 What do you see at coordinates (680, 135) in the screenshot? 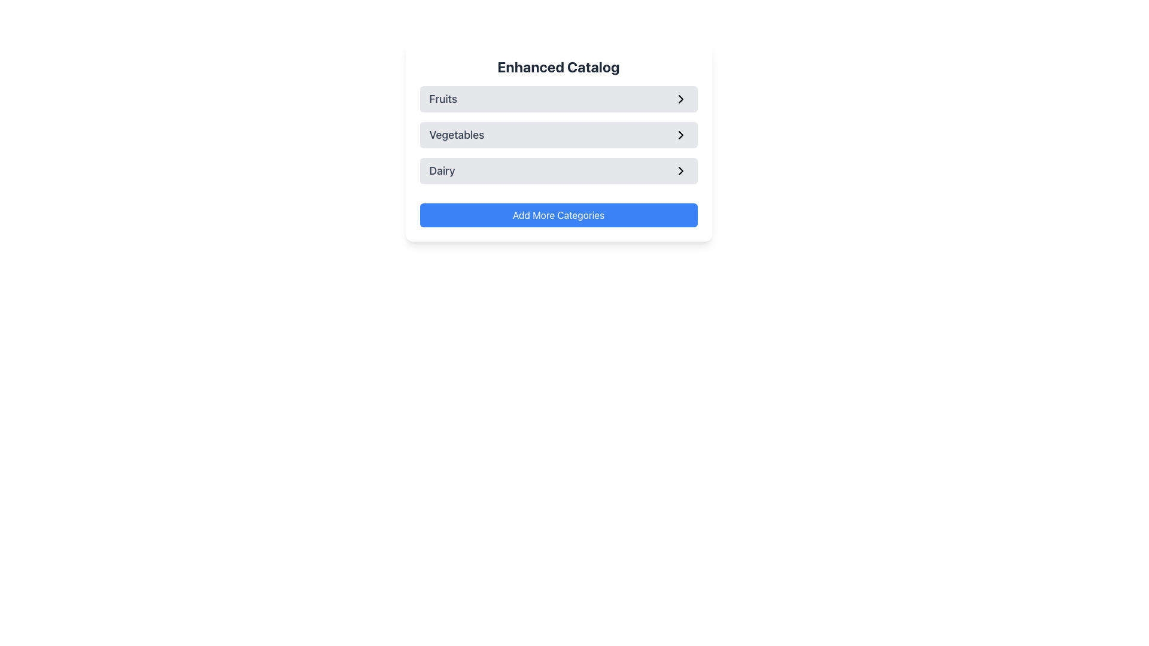
I see `the right-facing chevron arrow icon located to the far right of the 'Vegetables' text in the second item of the vertical list` at bounding box center [680, 135].